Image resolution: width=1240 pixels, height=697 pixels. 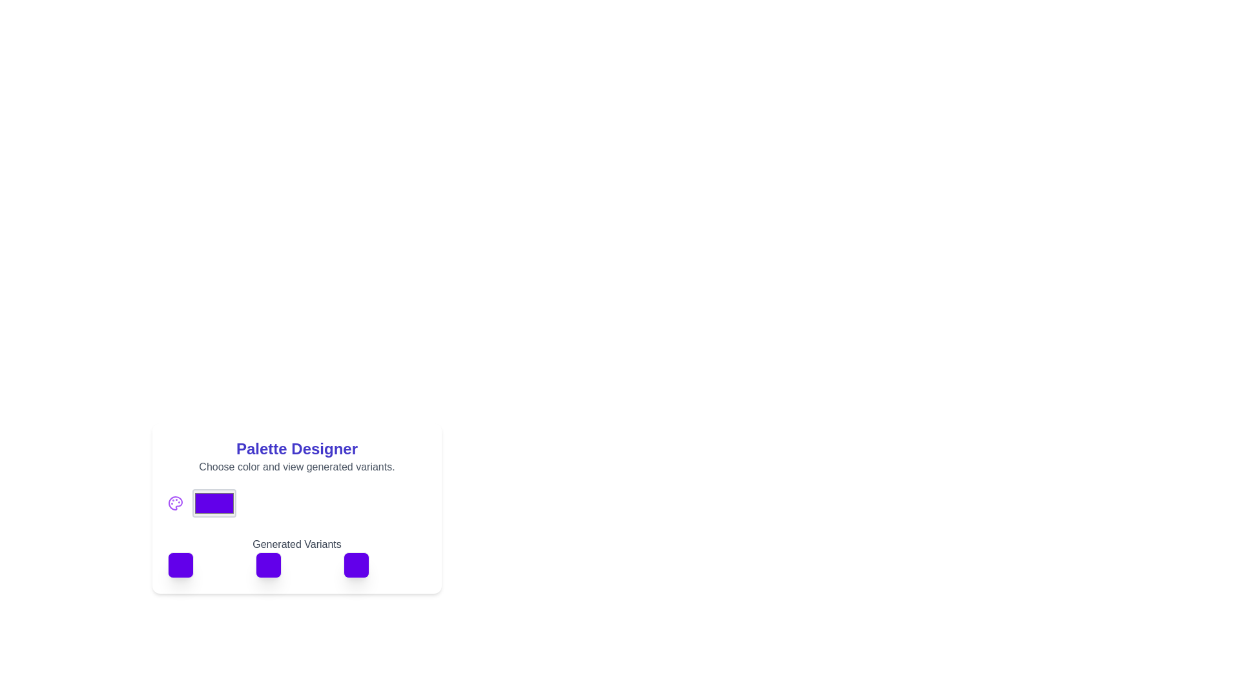 What do you see at coordinates (175, 502) in the screenshot?
I see `the purple painter's palette icon located in the top-left of the 'flex items-center space-x-4' group, adjacent to a rectangular color input box` at bounding box center [175, 502].